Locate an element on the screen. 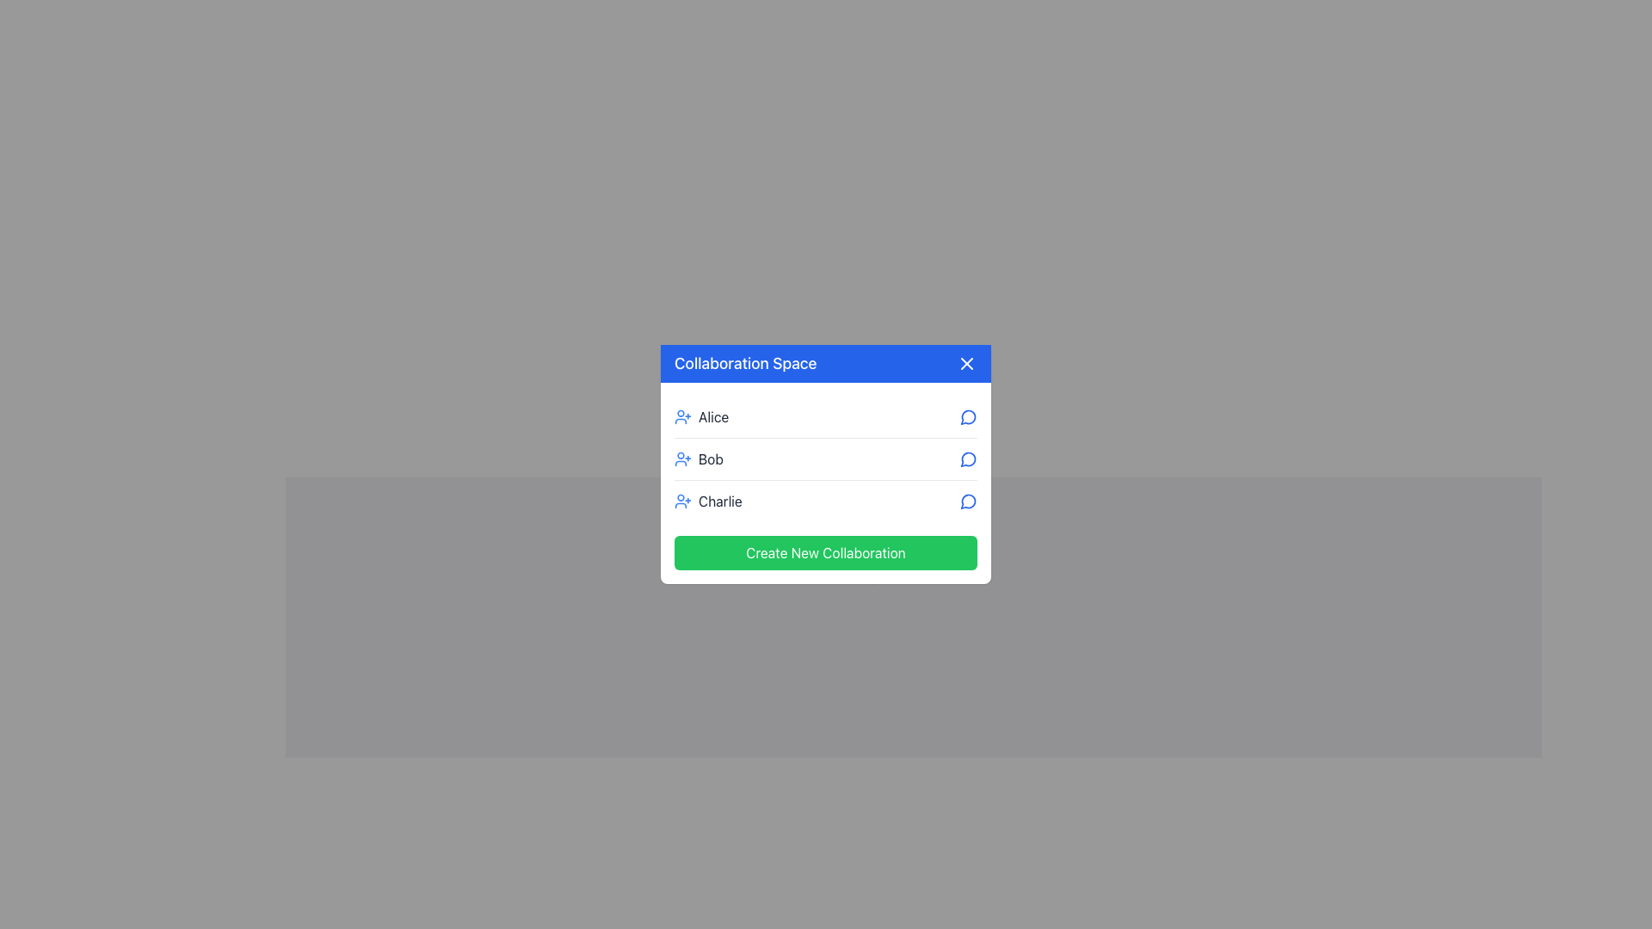 The height and width of the screenshot is (929, 1652). the text label displaying the name of the user, which is the first name in the participant list located on the left side of the second row, preceded by a small blue icon and followed by a text bubble icon is located at coordinates (713, 417).